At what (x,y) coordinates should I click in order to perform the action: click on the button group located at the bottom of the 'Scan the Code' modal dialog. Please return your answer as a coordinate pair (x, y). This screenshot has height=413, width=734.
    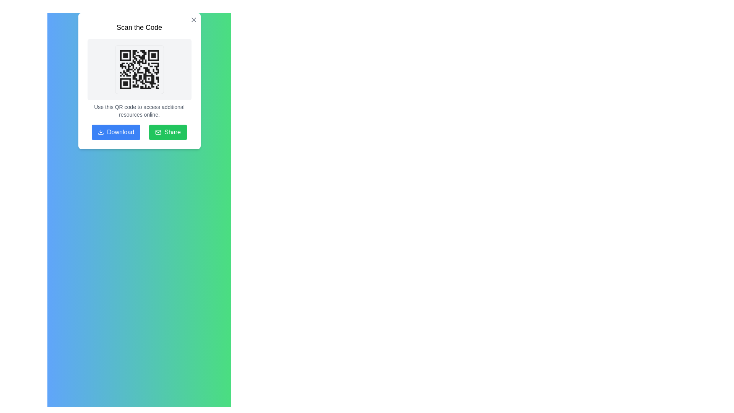
    Looking at the image, I should click on (139, 132).